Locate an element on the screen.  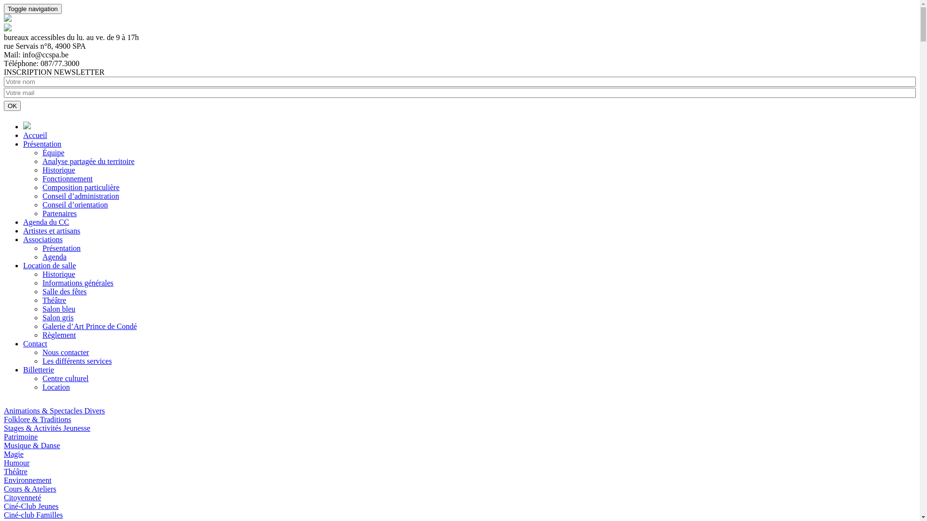
'Associations' is located at coordinates (42, 239).